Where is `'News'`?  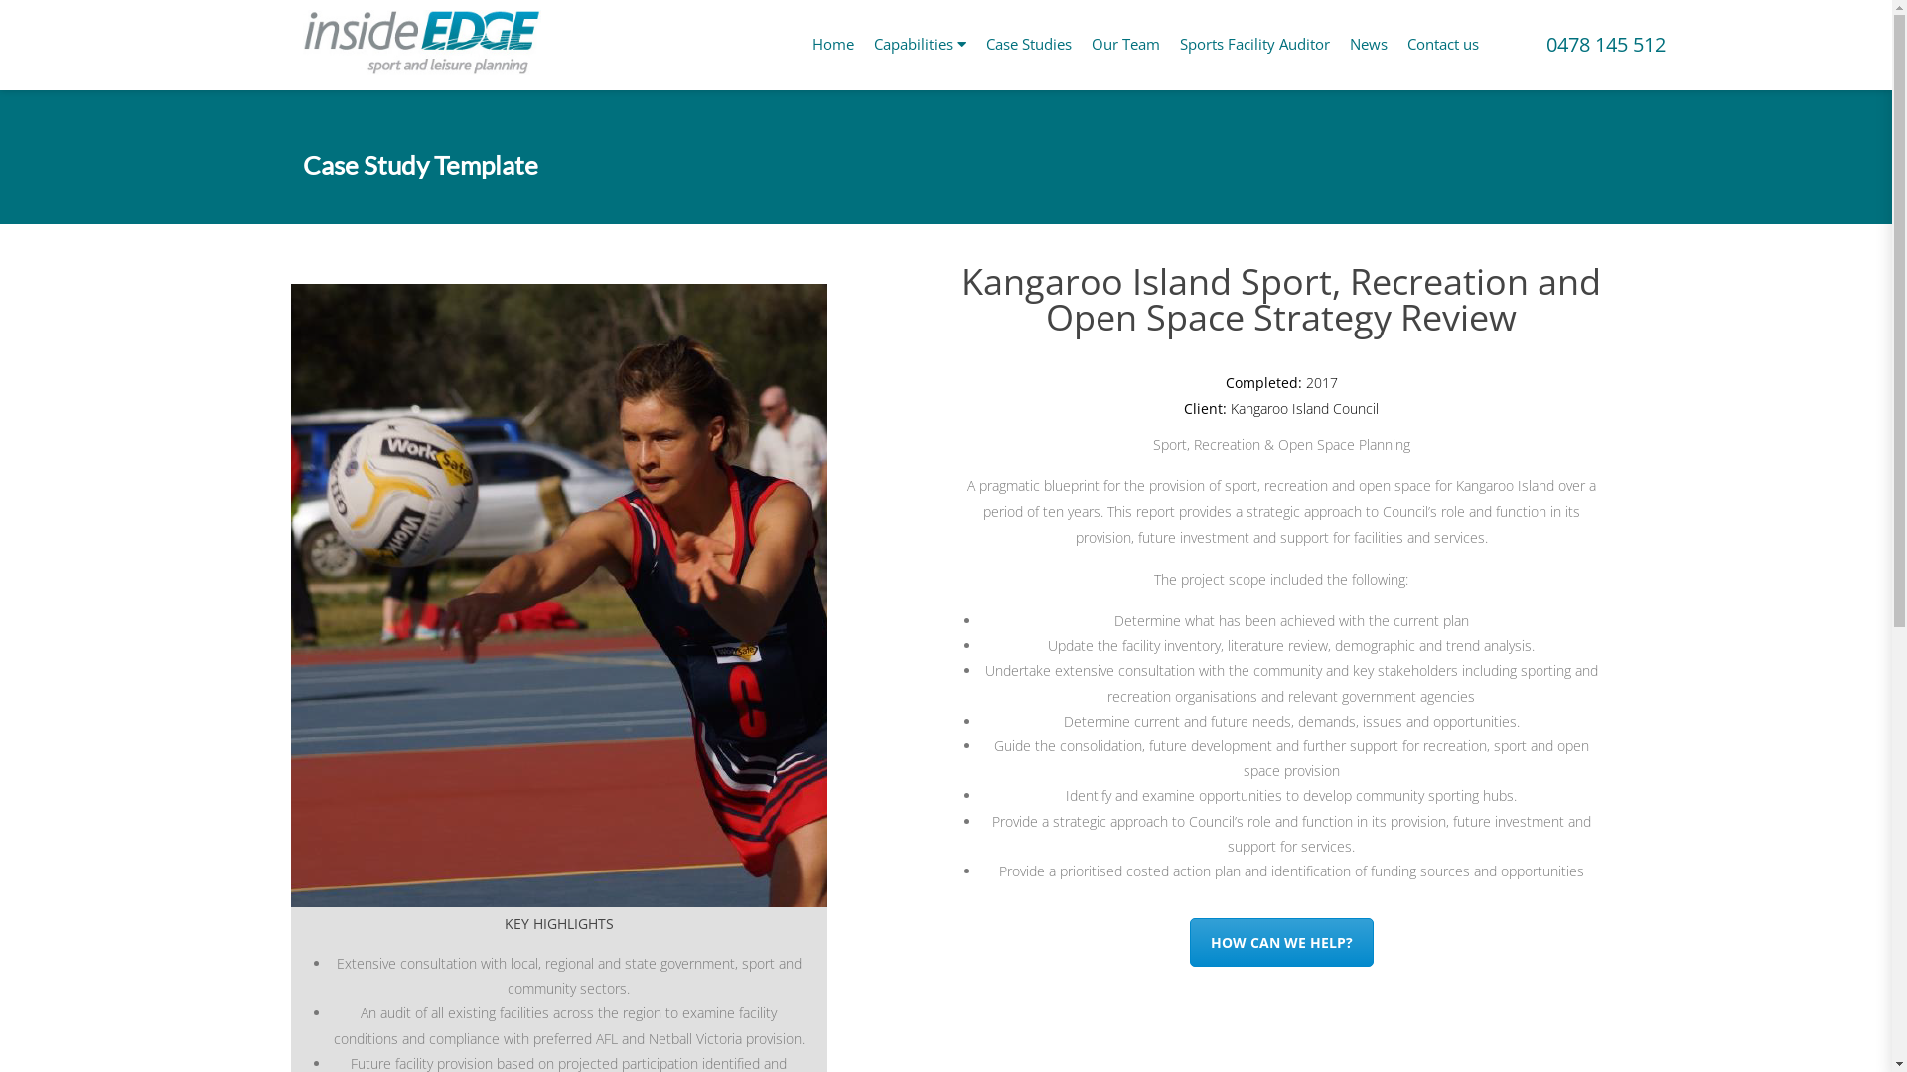 'News' is located at coordinates (1367, 44).